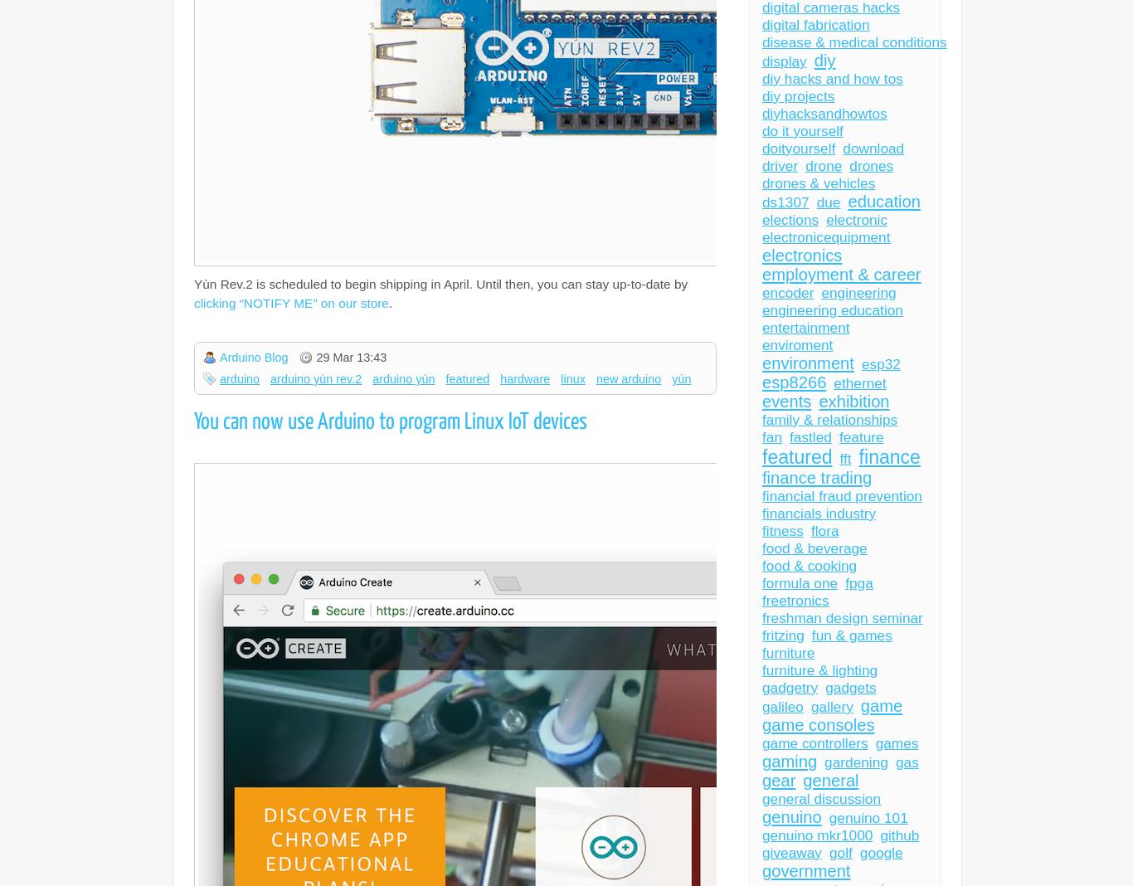  I want to click on 'games', so click(896, 742).